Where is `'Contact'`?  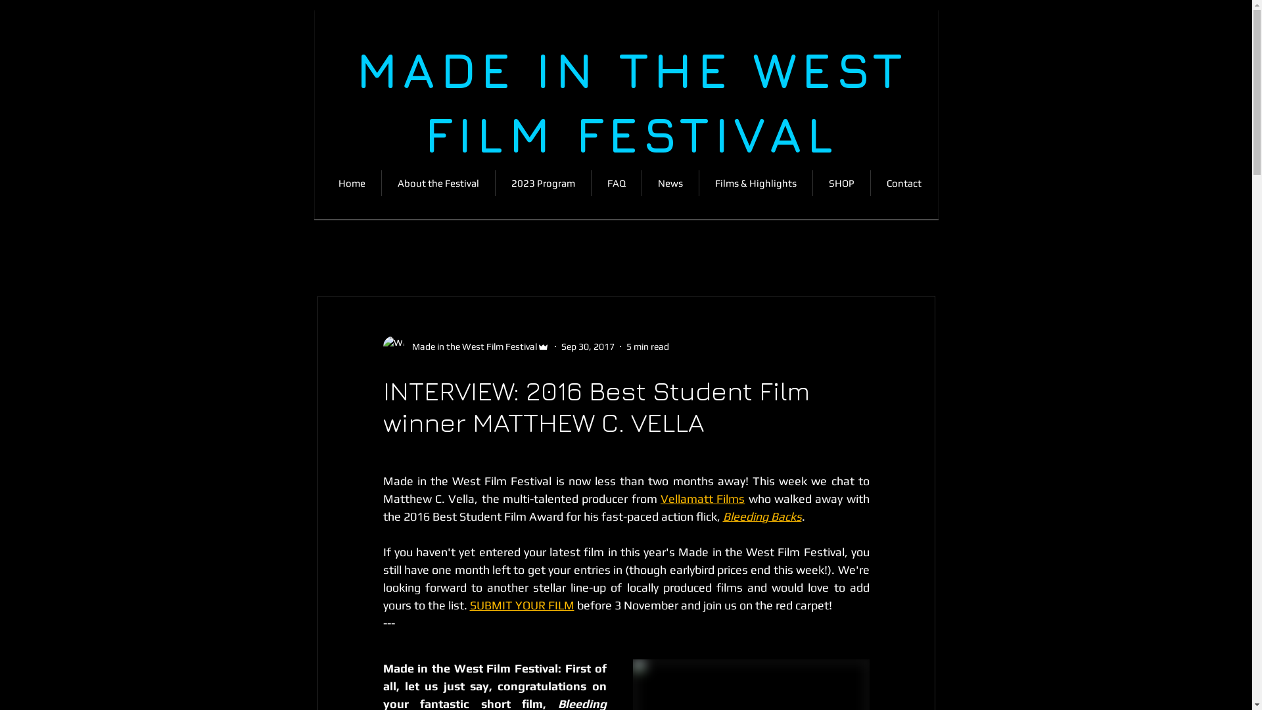
'Contact' is located at coordinates (902, 183).